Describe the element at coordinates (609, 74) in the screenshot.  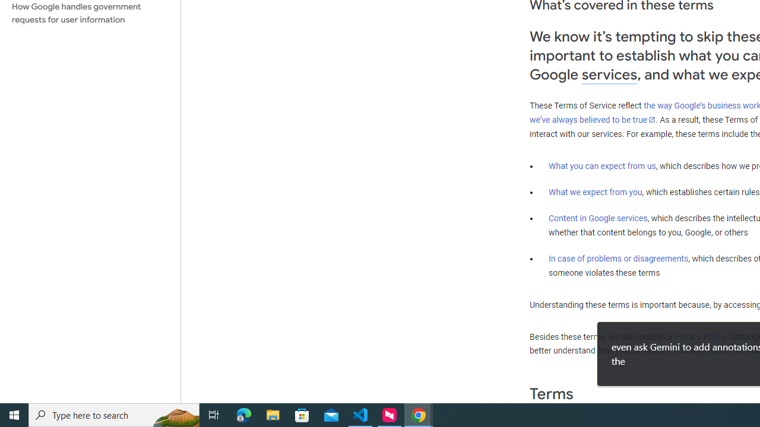
I see `'services'` at that location.